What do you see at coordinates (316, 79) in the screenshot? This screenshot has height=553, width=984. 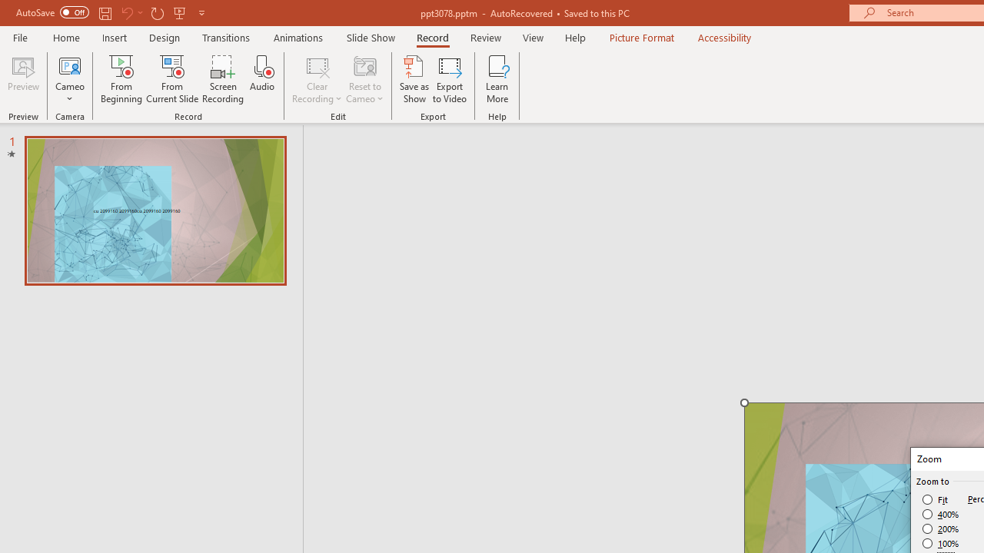 I see `'Clear Recording'` at bounding box center [316, 79].